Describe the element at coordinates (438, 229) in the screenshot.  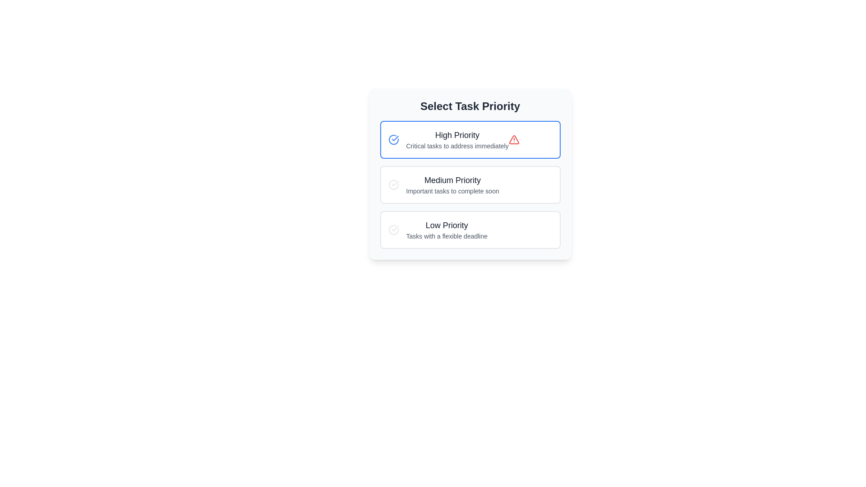
I see `the 'Low Priority' selectable option located in the bottom row of the task priority selection interface to assign a flexible deadline to a task` at that location.